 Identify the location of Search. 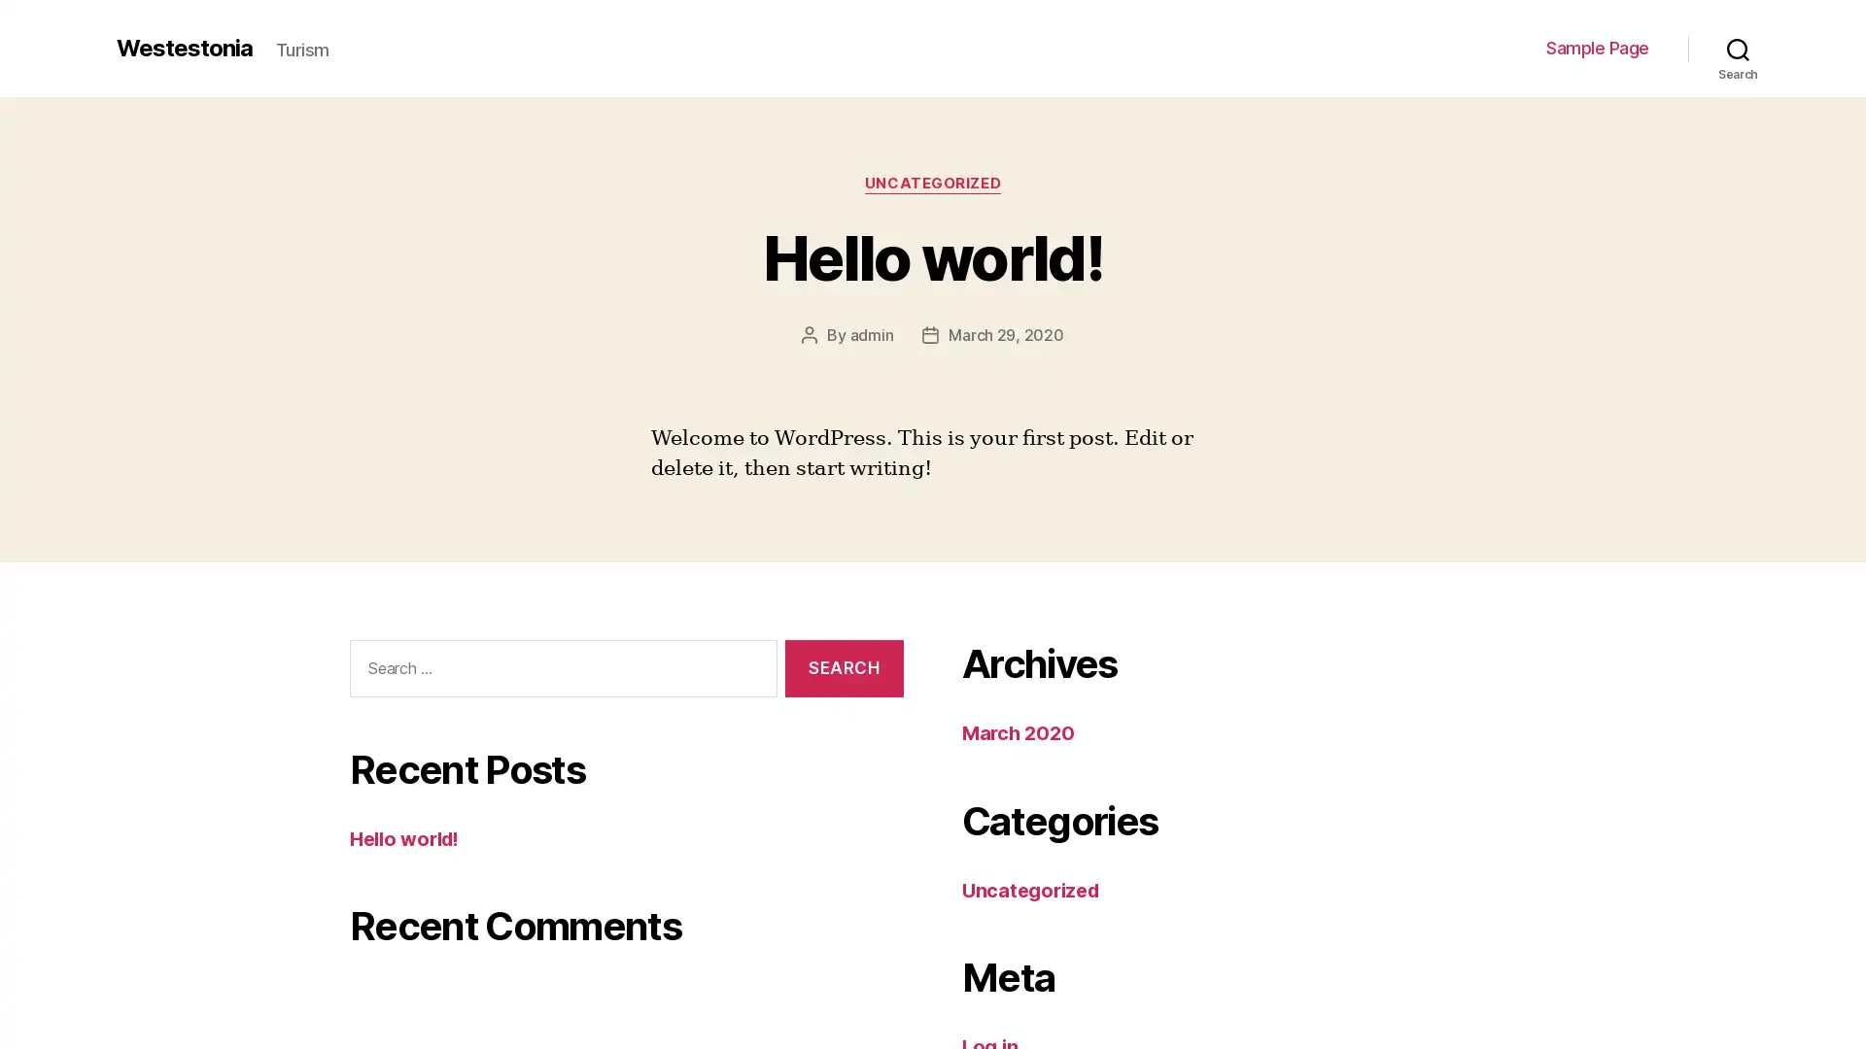
(1738, 48).